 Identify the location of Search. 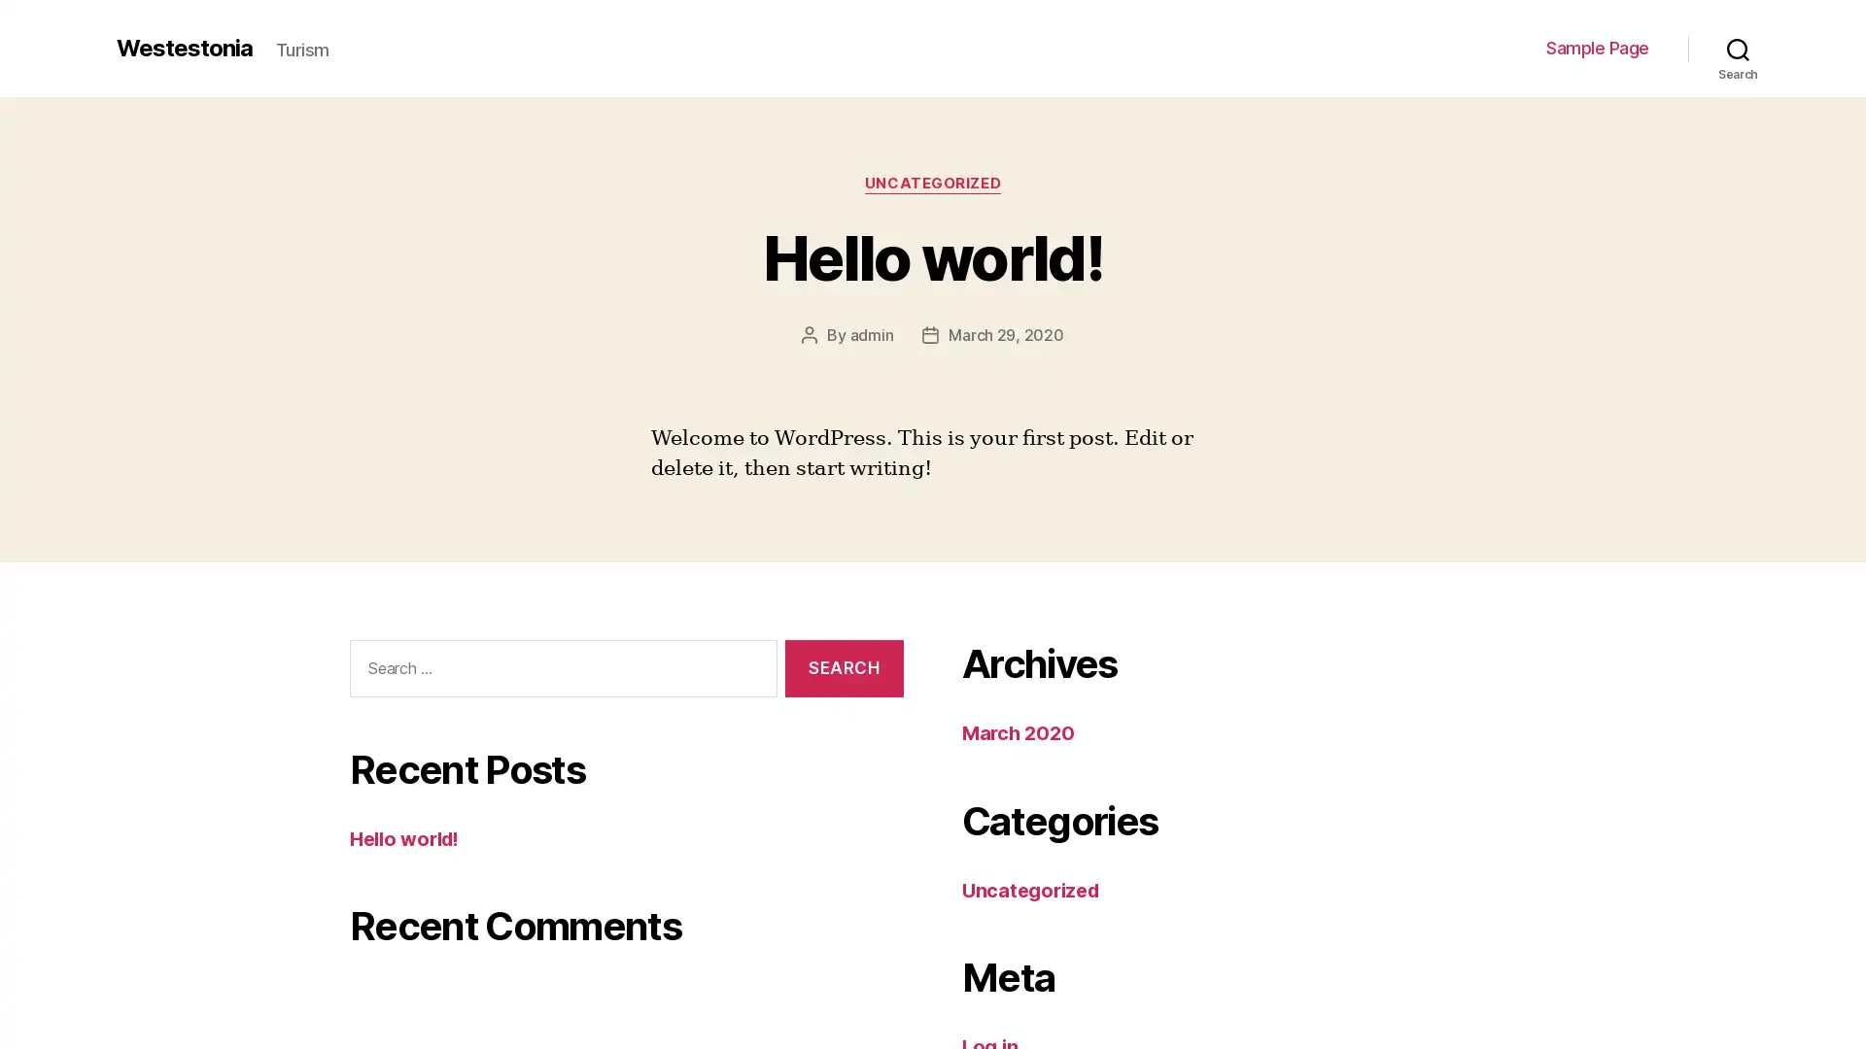
(1738, 48).